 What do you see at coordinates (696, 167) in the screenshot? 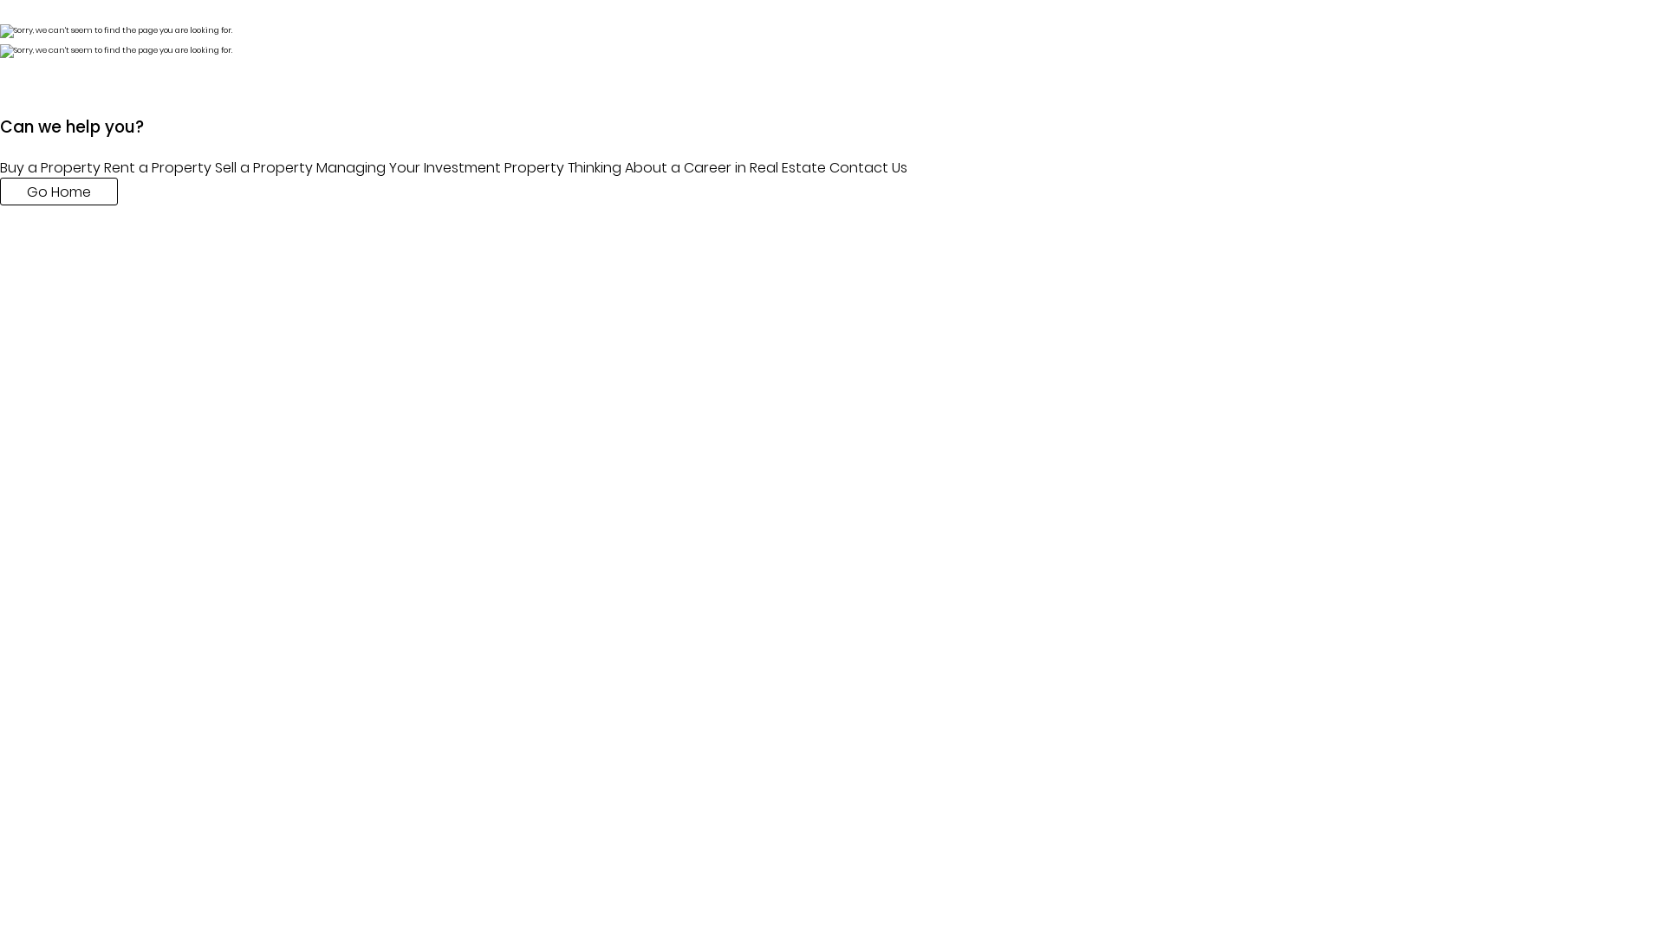
I see `'Thinking About a Career in Real Estate'` at bounding box center [696, 167].